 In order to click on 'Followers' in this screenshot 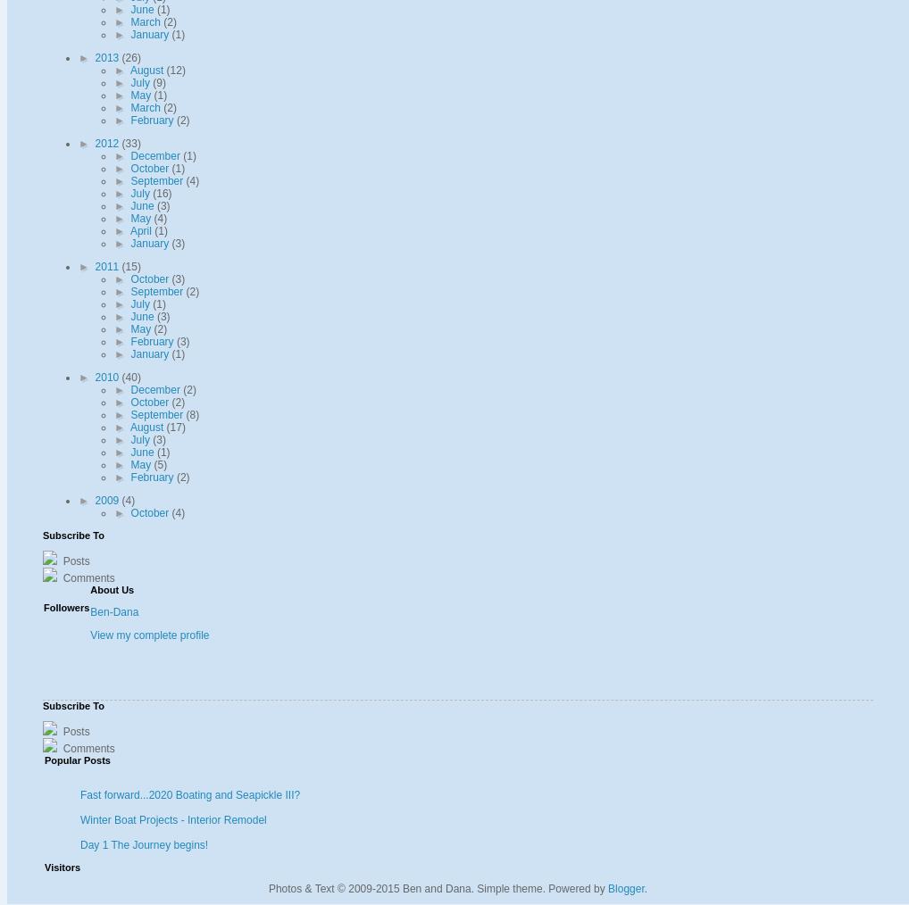, I will do `click(66, 607)`.